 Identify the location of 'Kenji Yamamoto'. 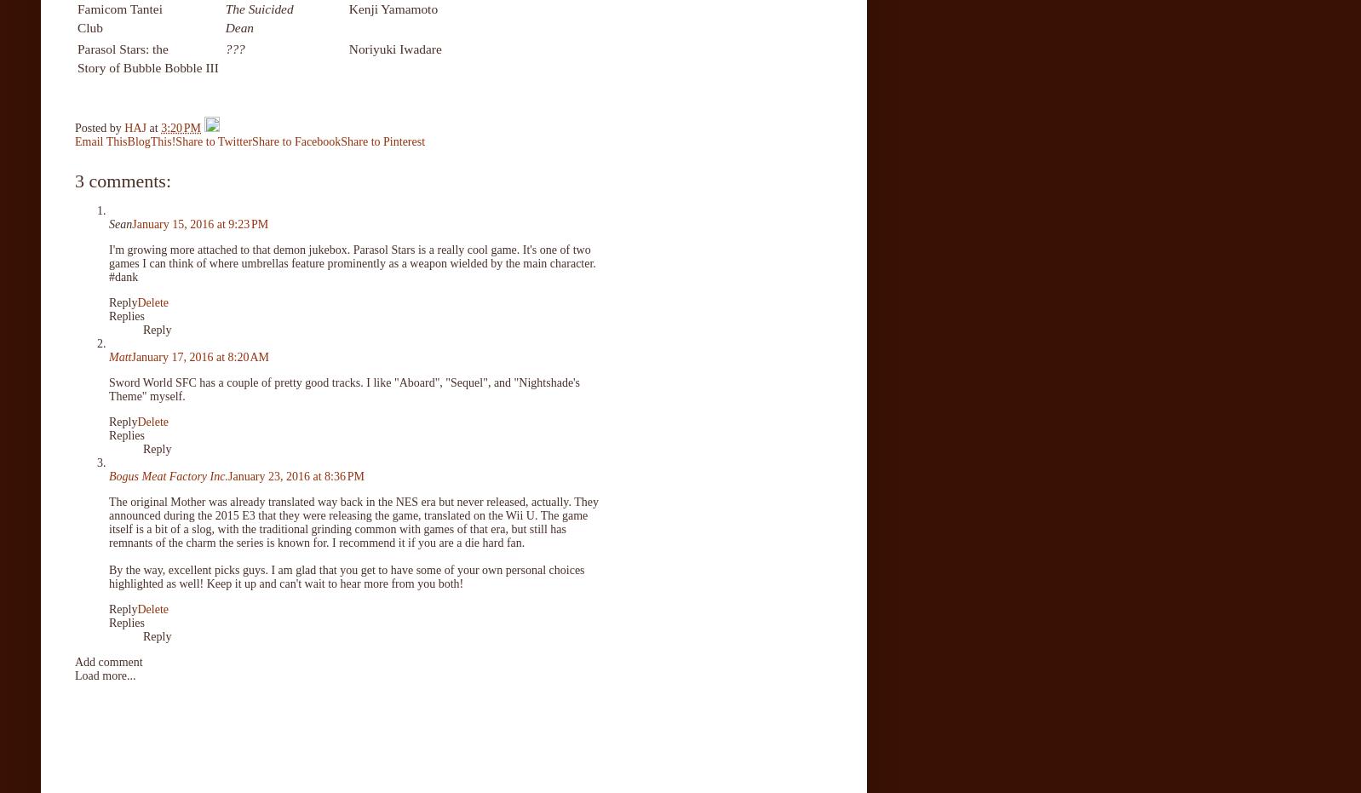
(393, 8).